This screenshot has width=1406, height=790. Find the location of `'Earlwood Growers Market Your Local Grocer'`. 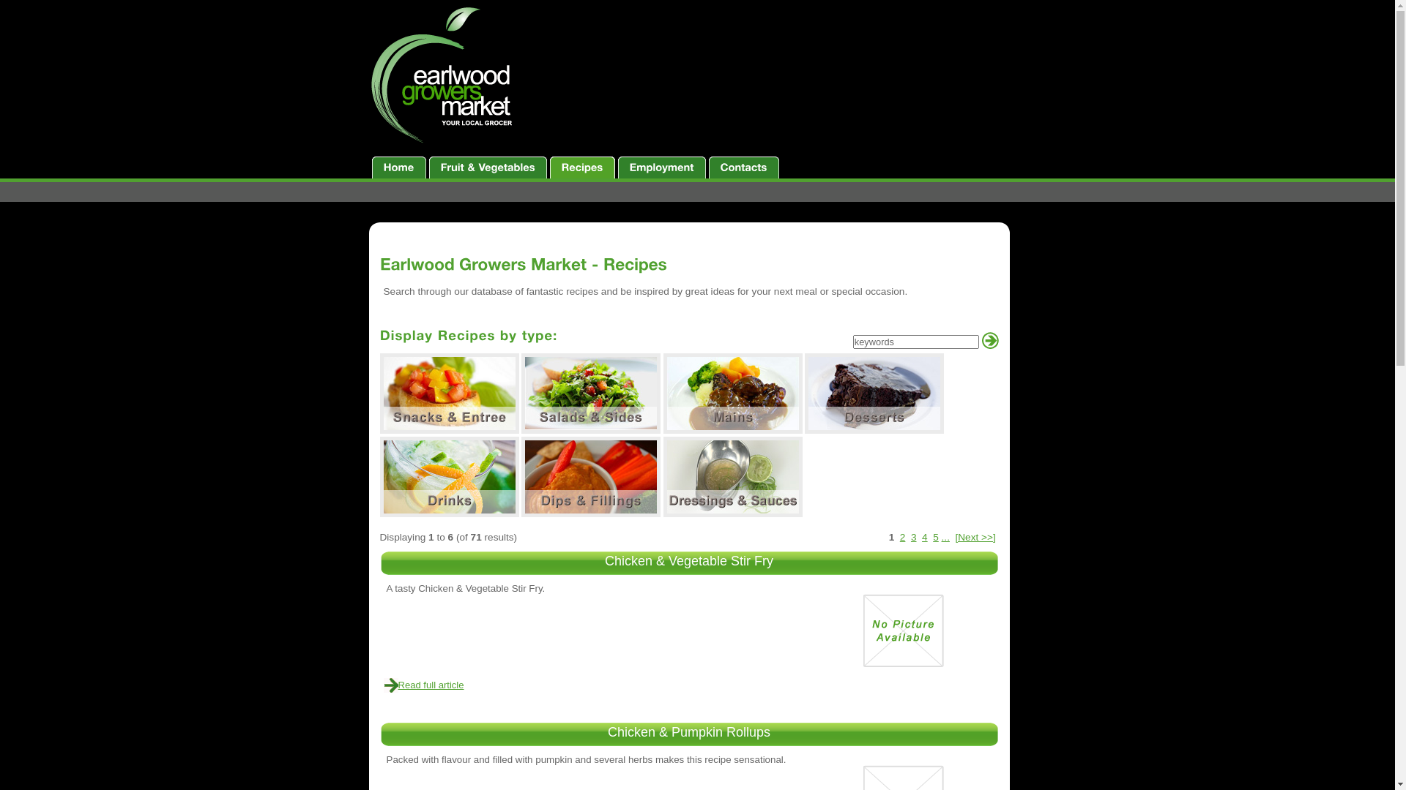

'Earlwood Growers Market Your Local Grocer' is located at coordinates (442, 75).